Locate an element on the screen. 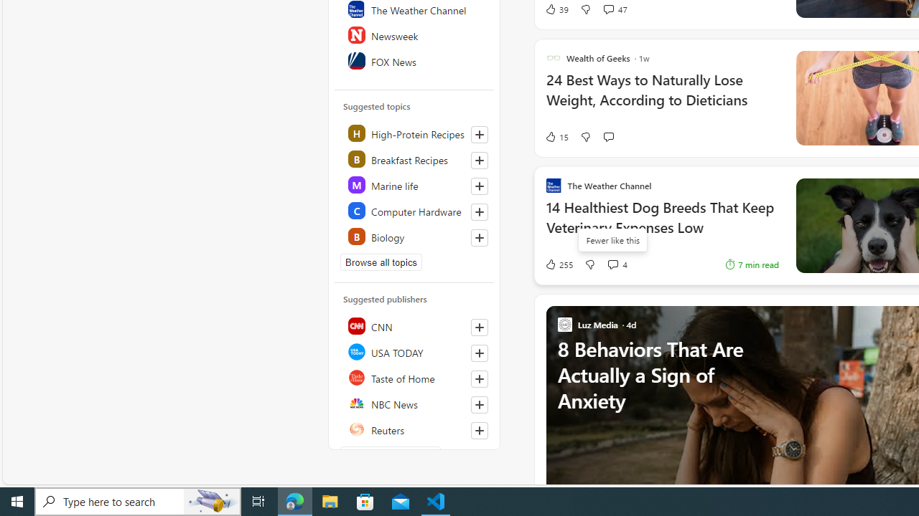 The image size is (919, 516). '255 Like' is located at coordinates (558, 264).